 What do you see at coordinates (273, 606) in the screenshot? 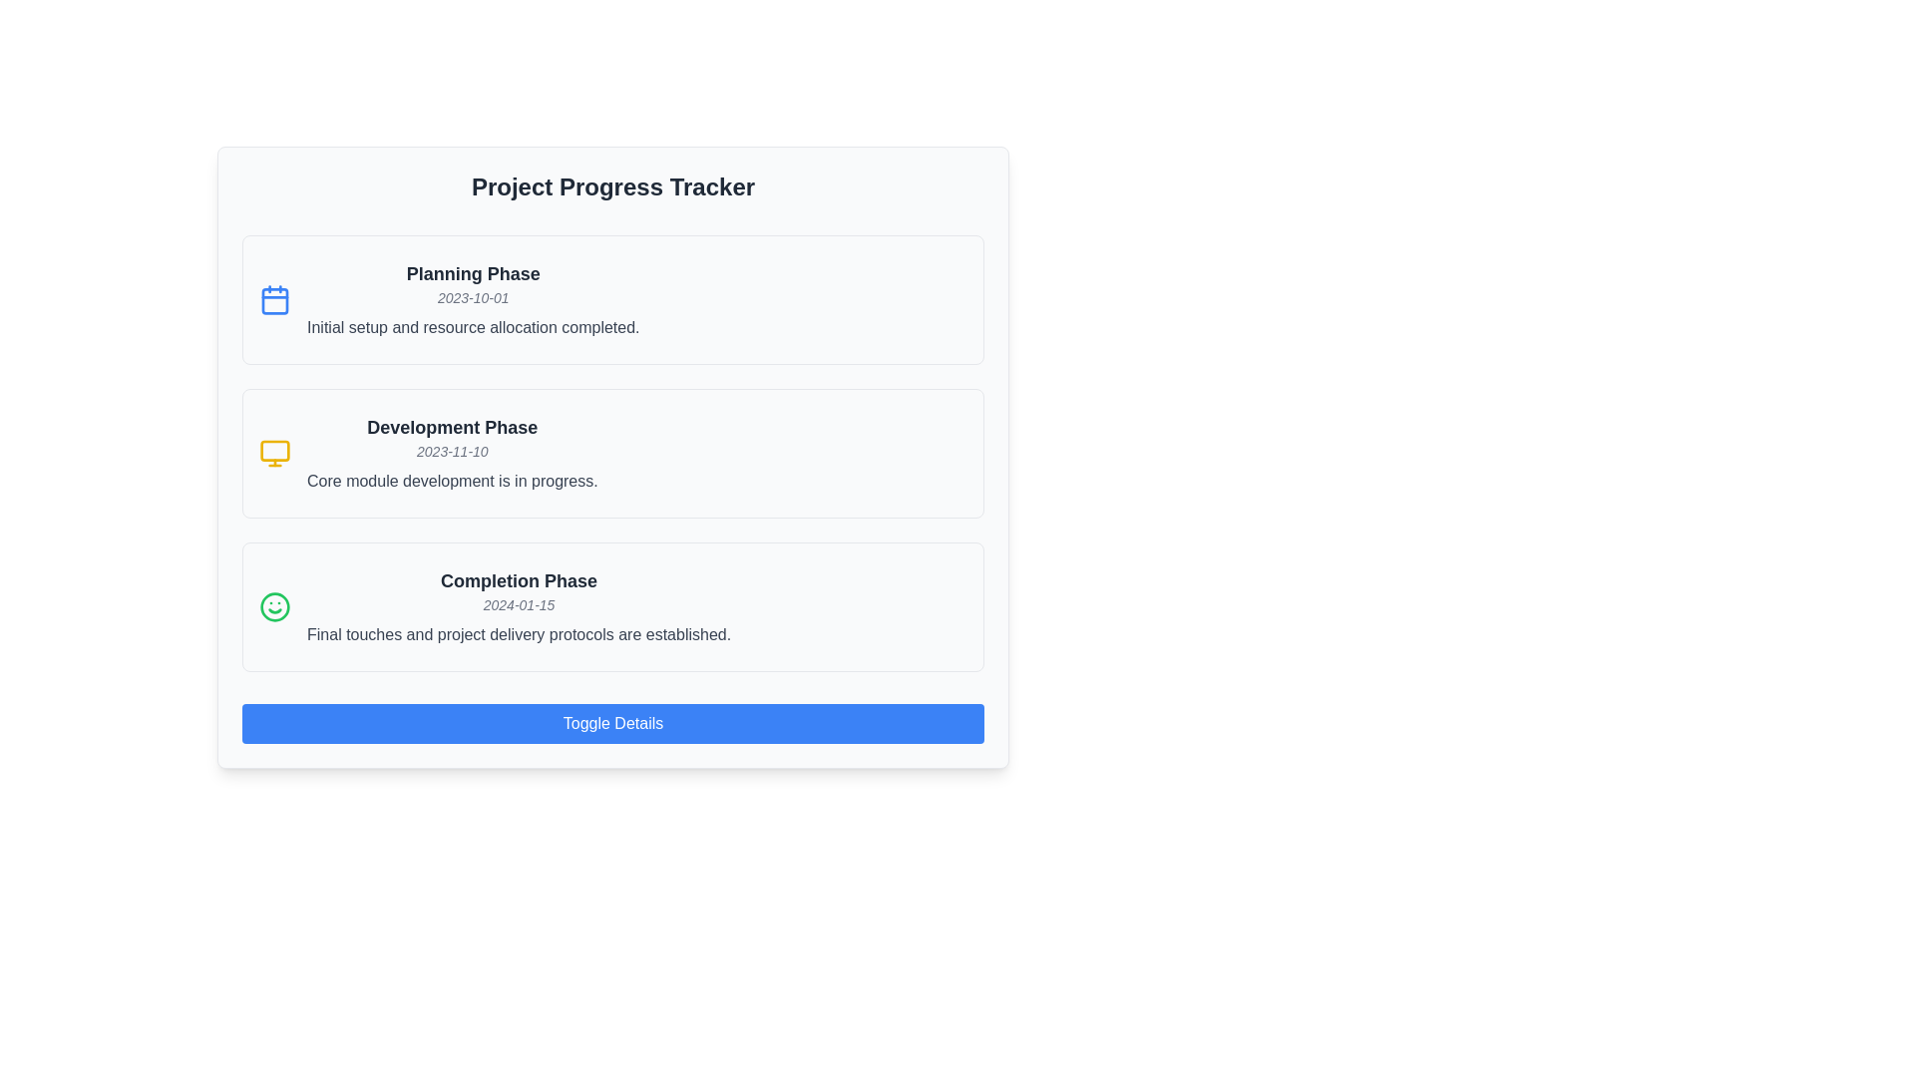
I see `the circular icon with a green border and smiling face illustration located to the left of the 'Completion Phase' title in the third section of the interface` at bounding box center [273, 606].